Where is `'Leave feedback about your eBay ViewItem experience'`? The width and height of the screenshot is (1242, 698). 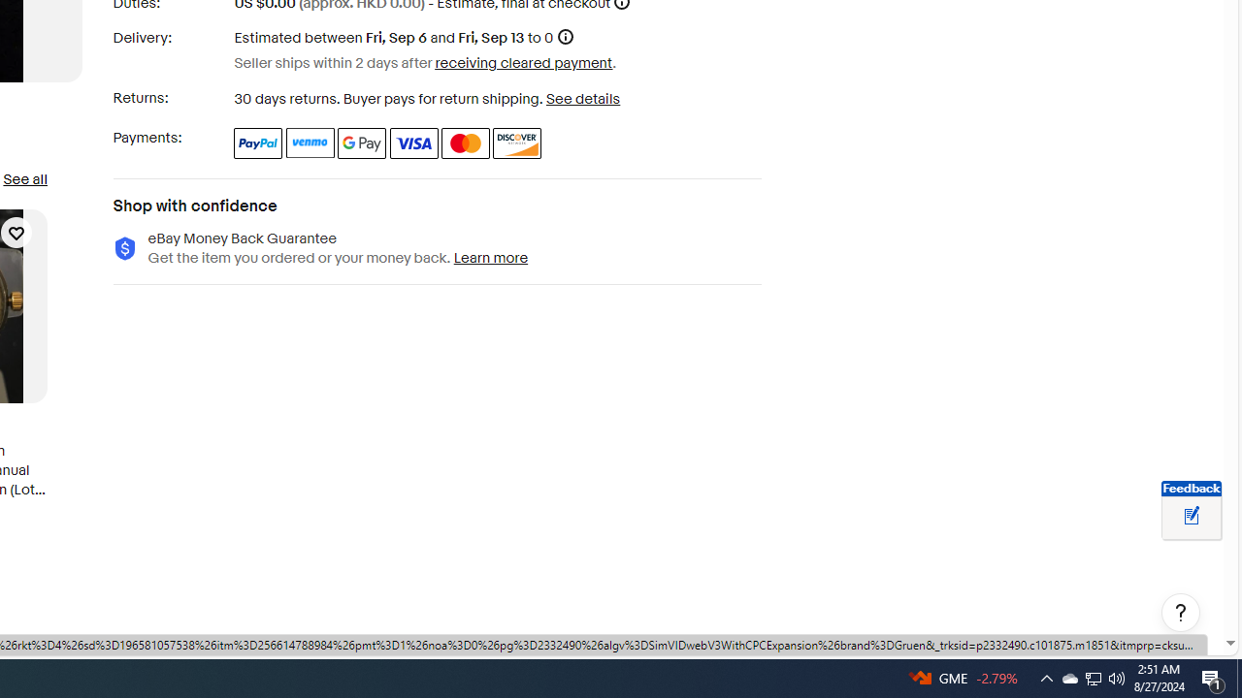
'Leave feedback about your eBay ViewItem experience' is located at coordinates (1191, 516).